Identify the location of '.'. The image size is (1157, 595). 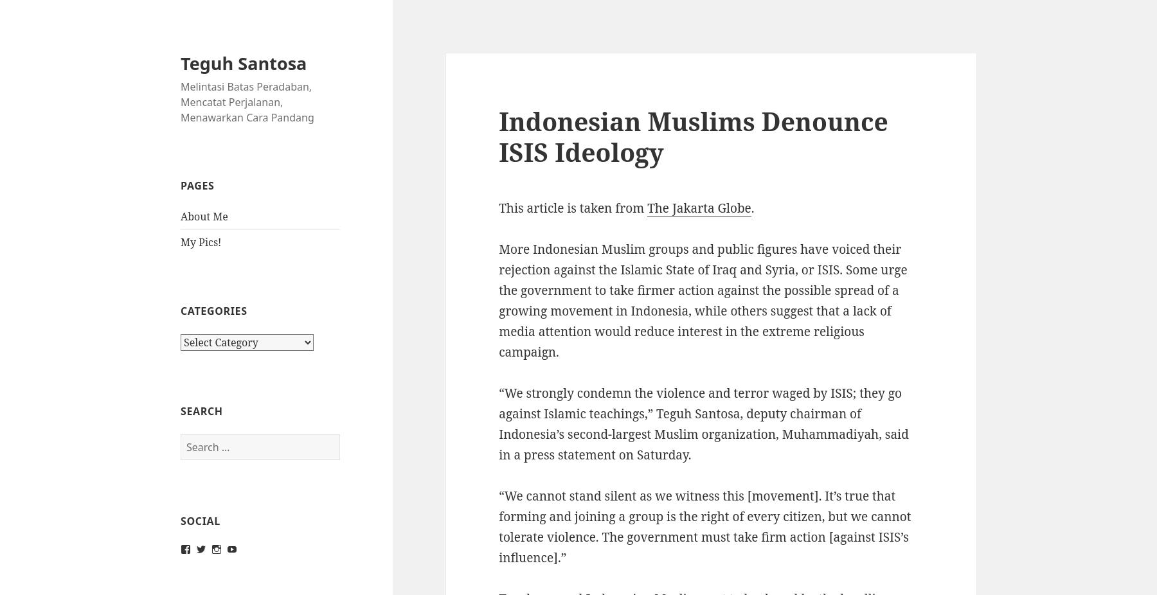
(751, 208).